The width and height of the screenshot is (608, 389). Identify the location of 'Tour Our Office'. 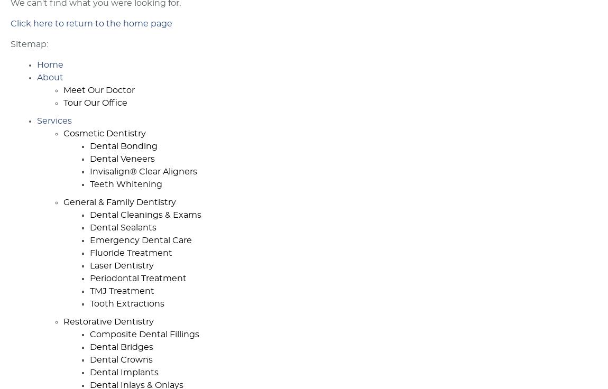
(95, 102).